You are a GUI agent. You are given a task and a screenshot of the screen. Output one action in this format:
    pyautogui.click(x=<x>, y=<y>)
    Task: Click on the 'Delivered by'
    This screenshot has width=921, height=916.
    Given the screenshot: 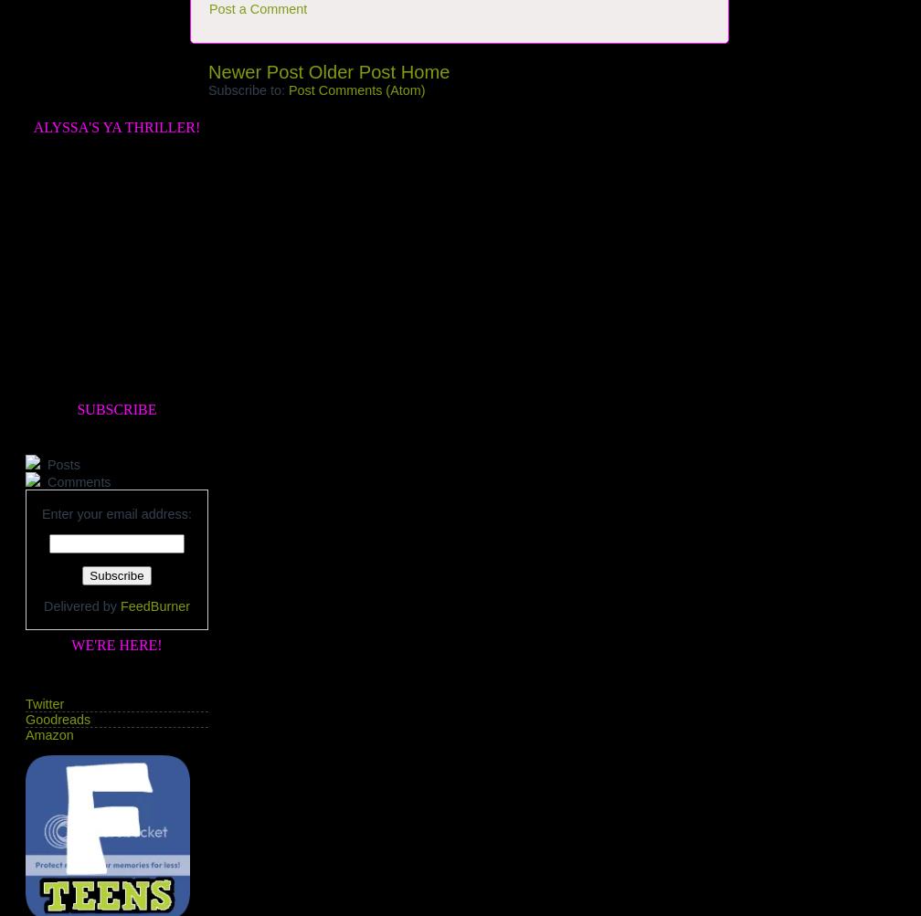 What is the action you would take?
    pyautogui.click(x=81, y=605)
    